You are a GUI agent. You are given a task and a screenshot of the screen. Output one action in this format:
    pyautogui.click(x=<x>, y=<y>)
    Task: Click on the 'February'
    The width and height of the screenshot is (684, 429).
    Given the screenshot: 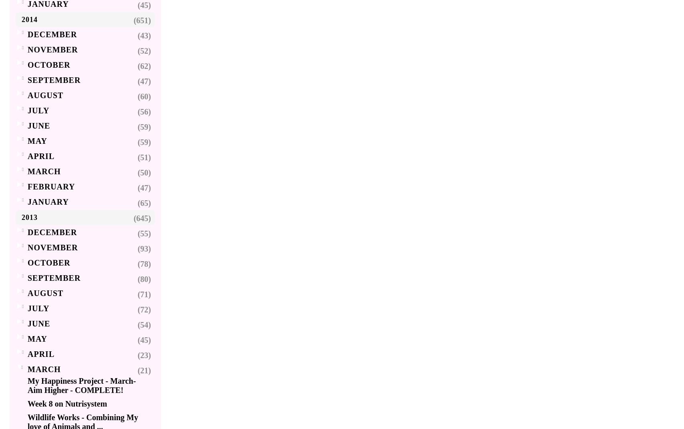 What is the action you would take?
    pyautogui.click(x=51, y=186)
    